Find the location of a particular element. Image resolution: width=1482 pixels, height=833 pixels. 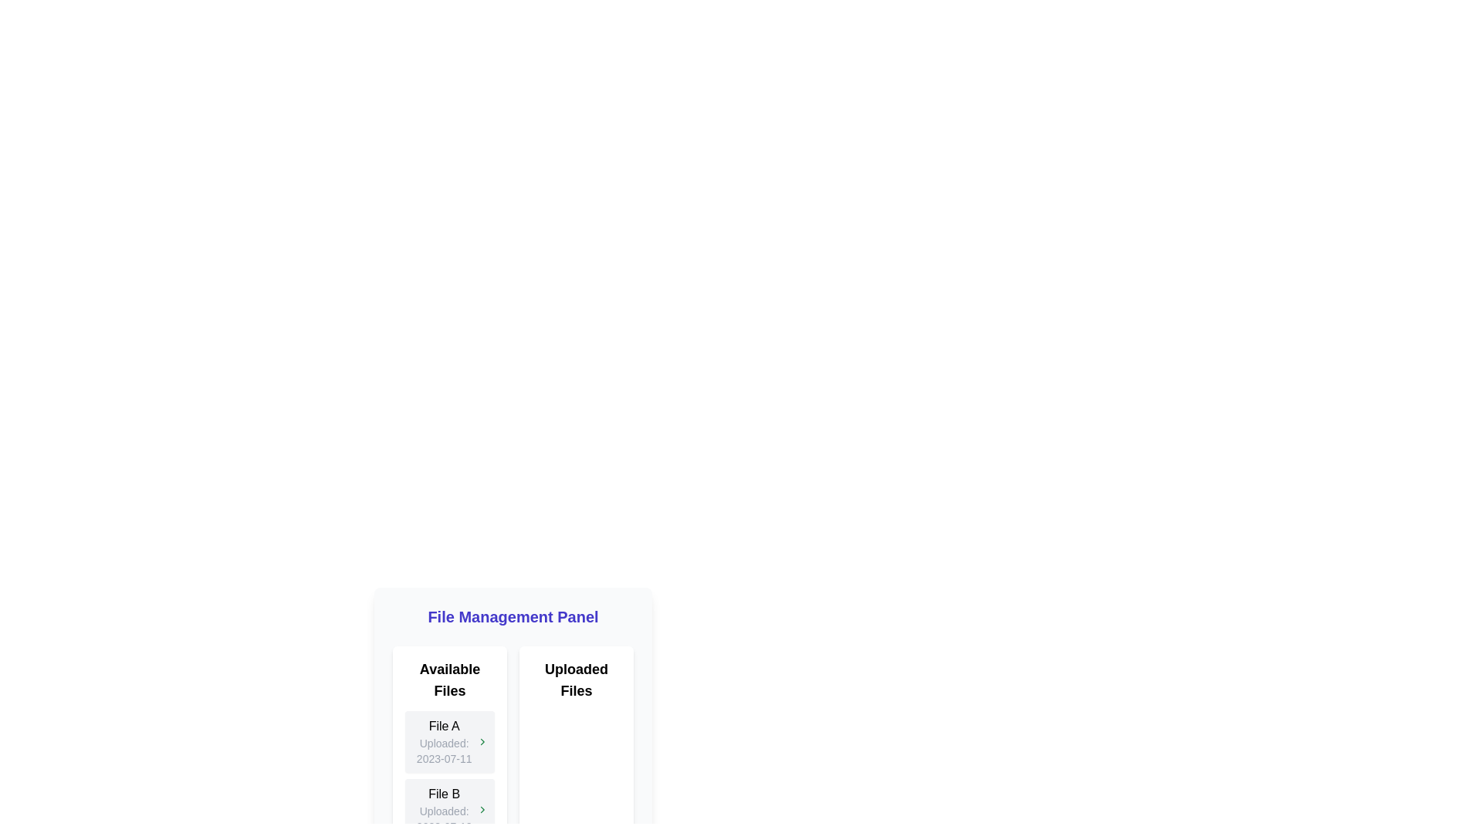

the green chevron icon pointing to the right, located immediately to the right of the text 'File B' in the 'Available Files' section is located at coordinates (482, 808).